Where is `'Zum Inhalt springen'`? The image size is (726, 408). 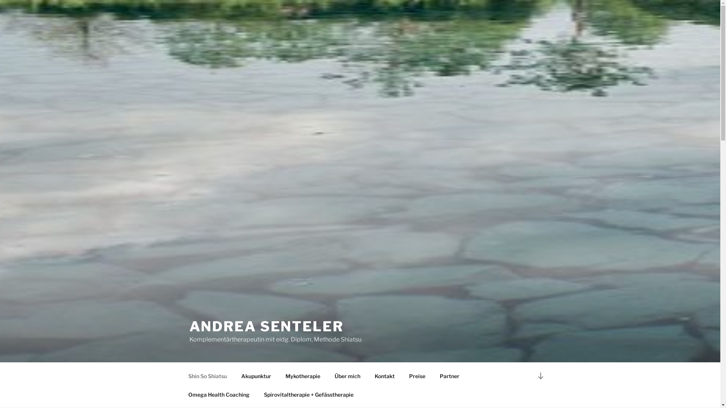
'Zum Inhalt springen' is located at coordinates (0, 0).